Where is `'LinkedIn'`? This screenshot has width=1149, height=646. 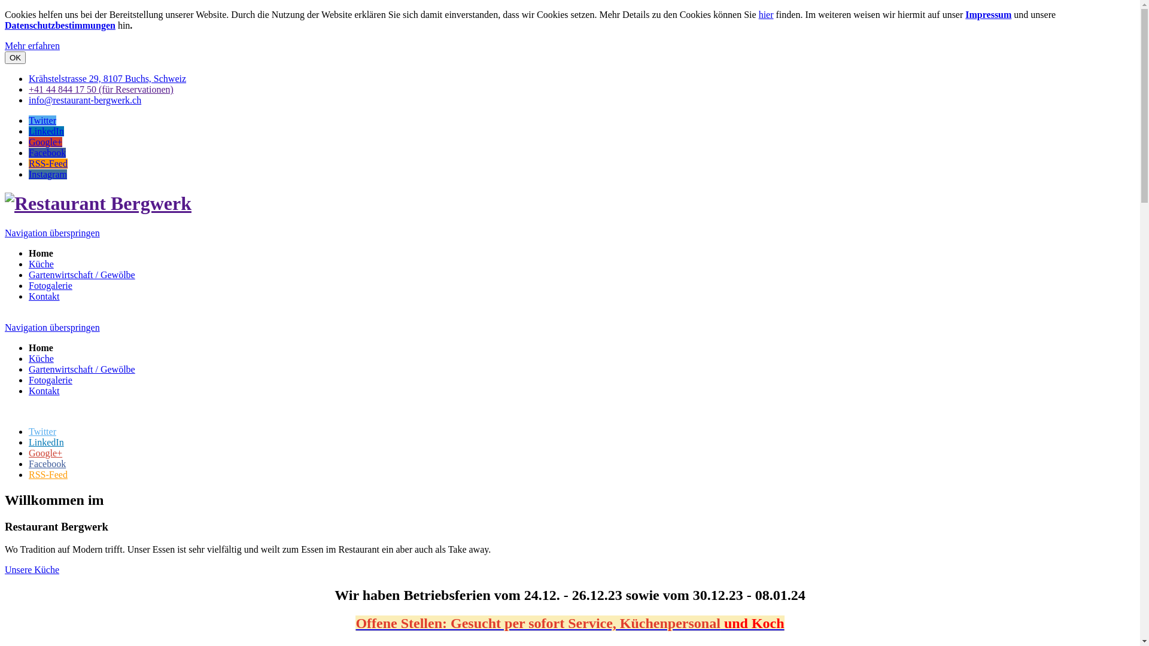
'LinkedIn' is located at coordinates (46, 131).